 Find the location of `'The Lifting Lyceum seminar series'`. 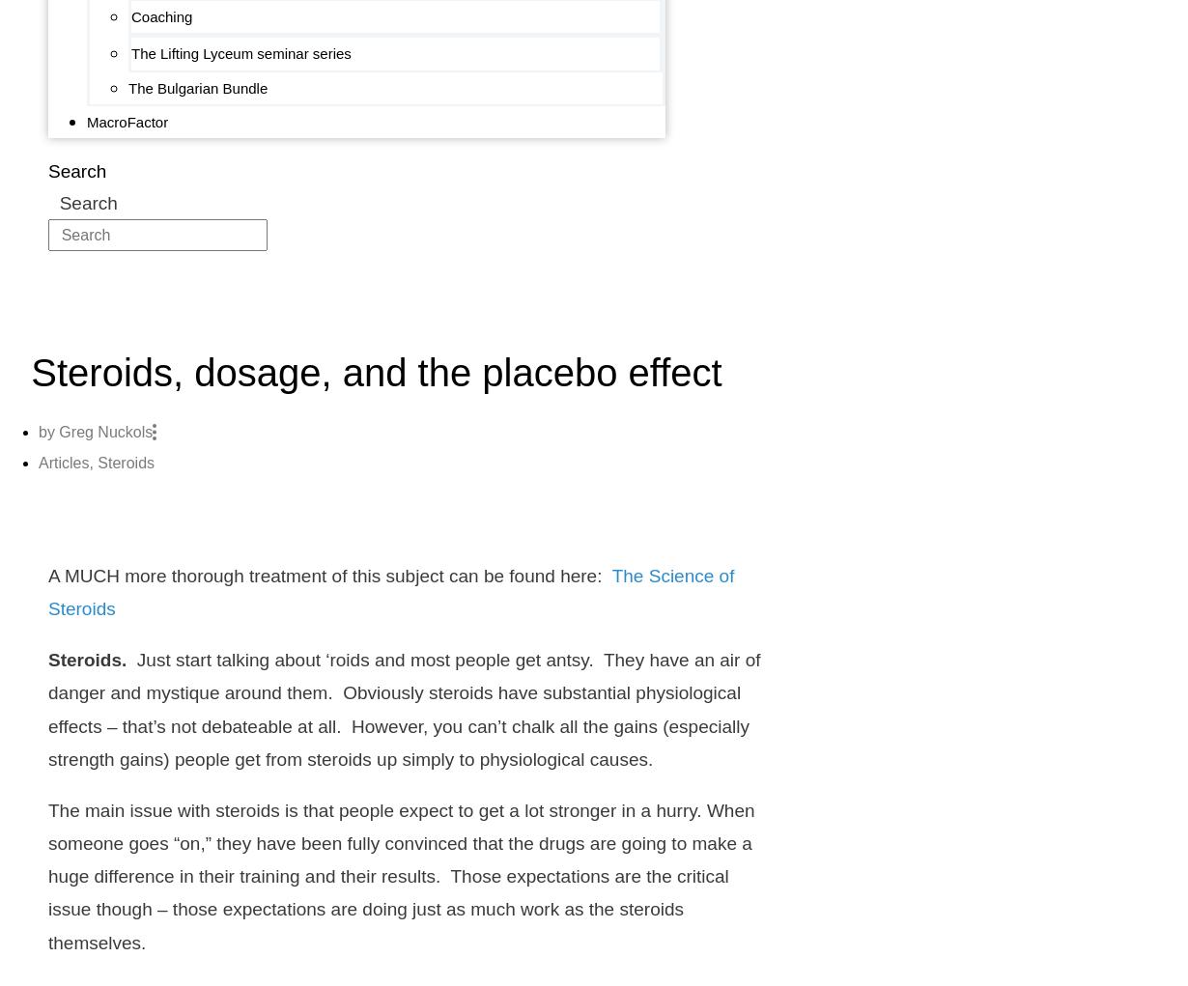

'The Lifting Lyceum seminar series' is located at coordinates (240, 53).